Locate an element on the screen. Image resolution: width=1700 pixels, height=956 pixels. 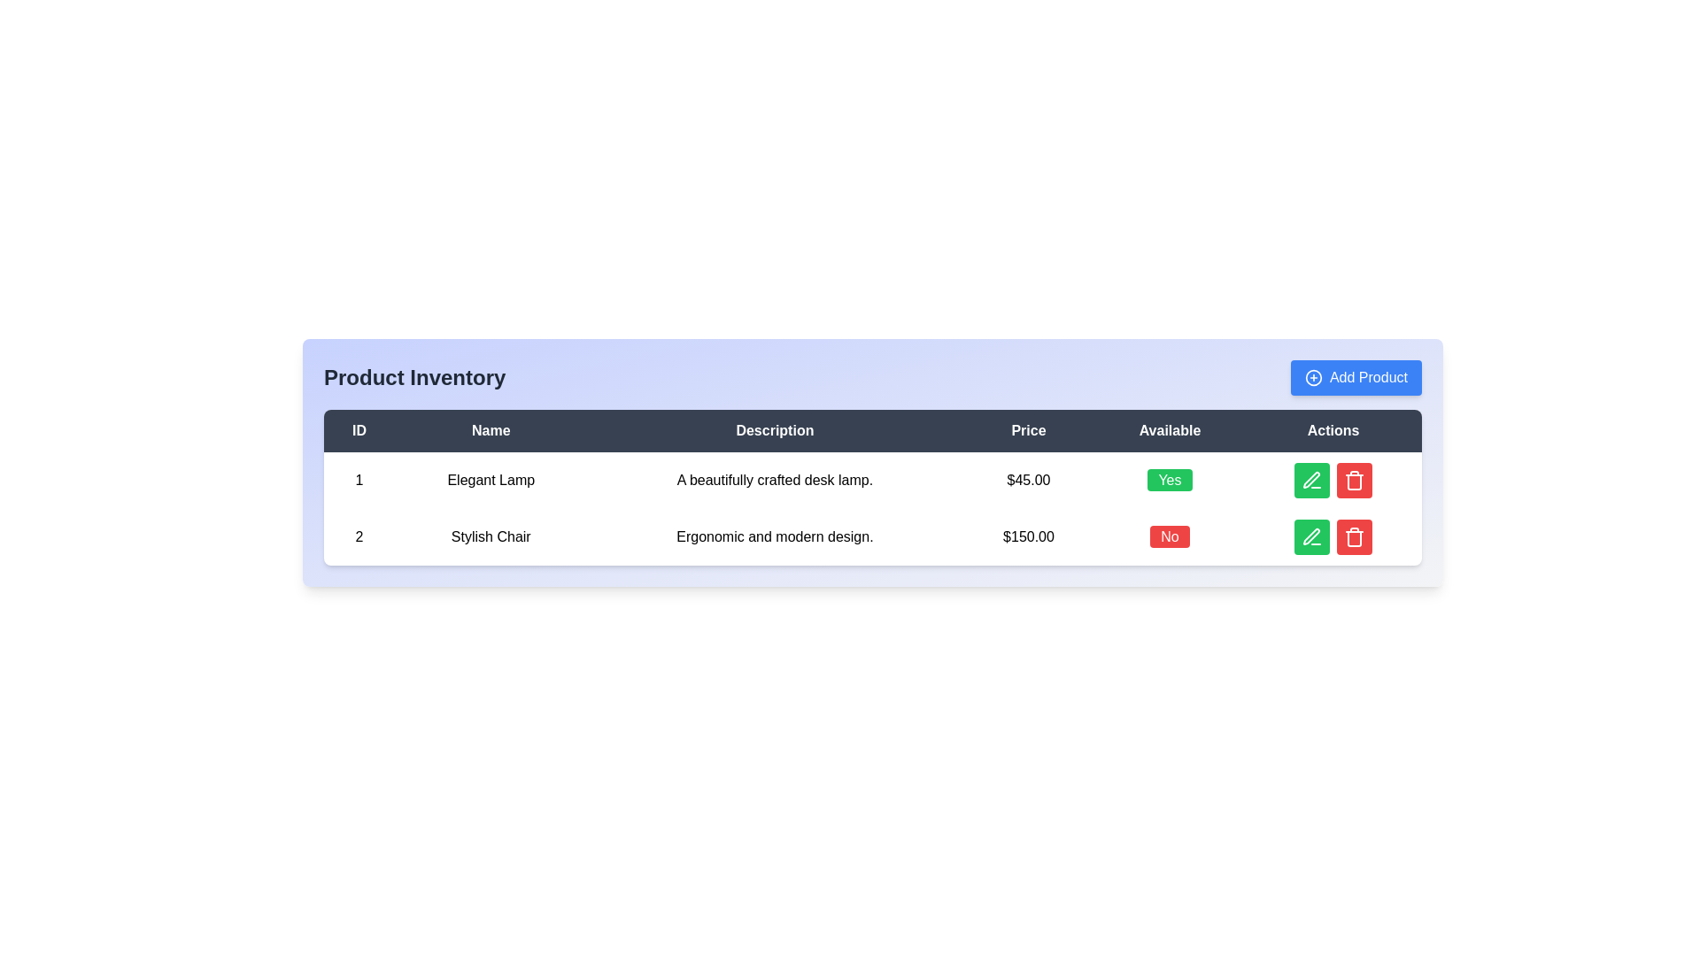
the table cell displaying the text '1' in black on a white background, located in the first row under the 'ID' column is located at coordinates (358, 481).